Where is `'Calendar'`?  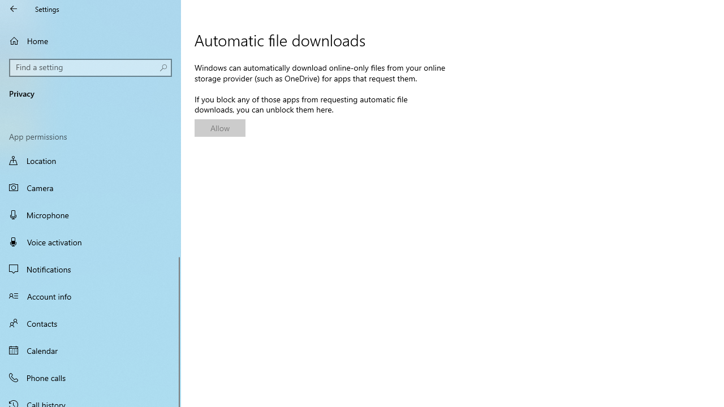 'Calendar' is located at coordinates (90, 349).